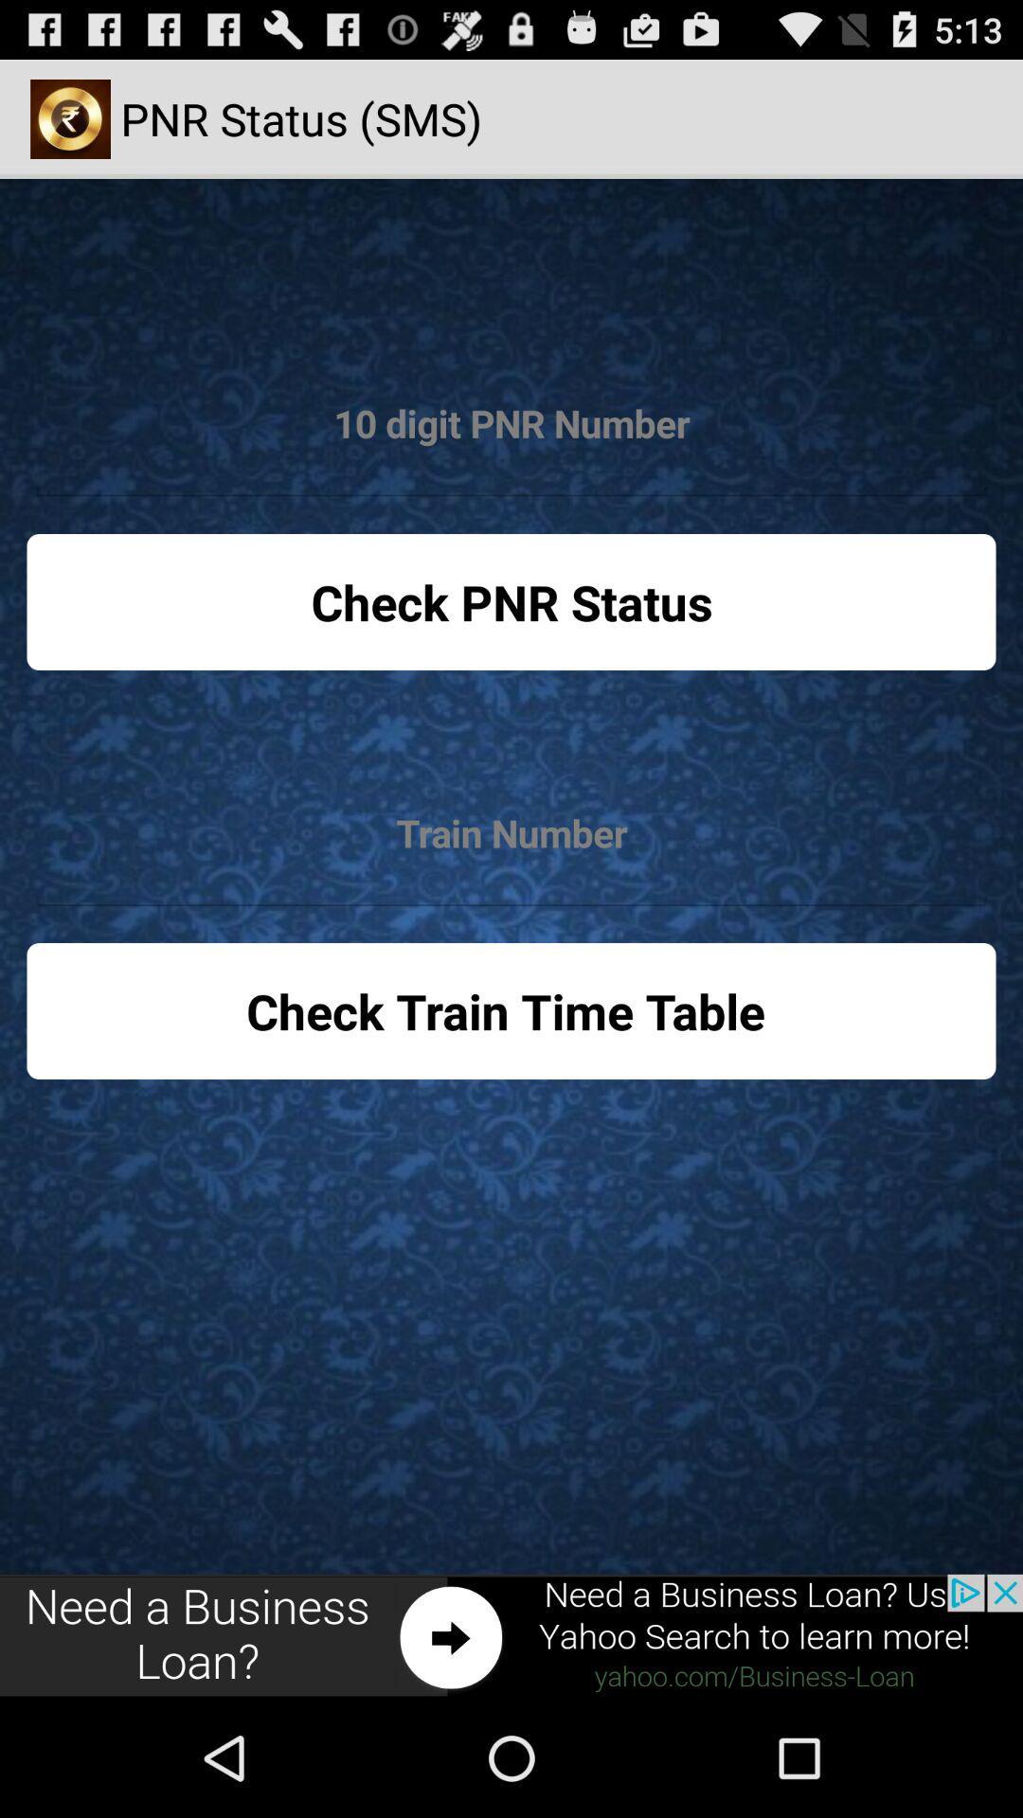 Image resolution: width=1023 pixels, height=1818 pixels. Describe the element at coordinates (511, 833) in the screenshot. I see `input train number` at that location.